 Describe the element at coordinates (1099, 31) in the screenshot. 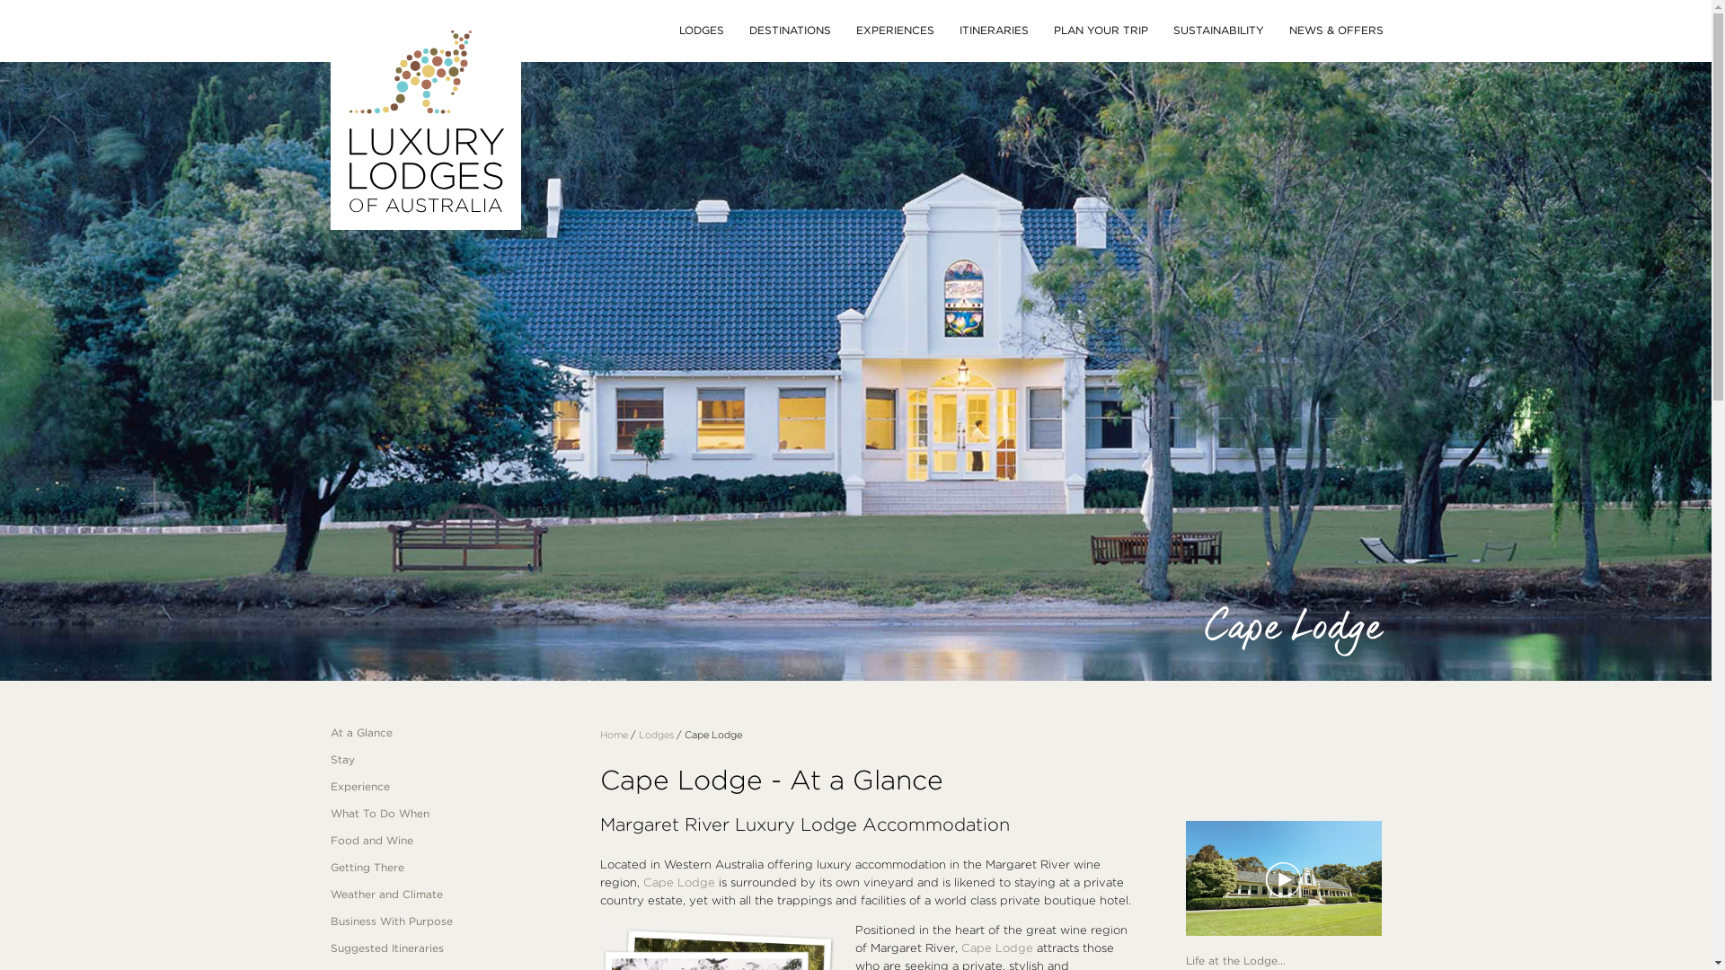

I see `'PLAN YOUR TRIP'` at that location.